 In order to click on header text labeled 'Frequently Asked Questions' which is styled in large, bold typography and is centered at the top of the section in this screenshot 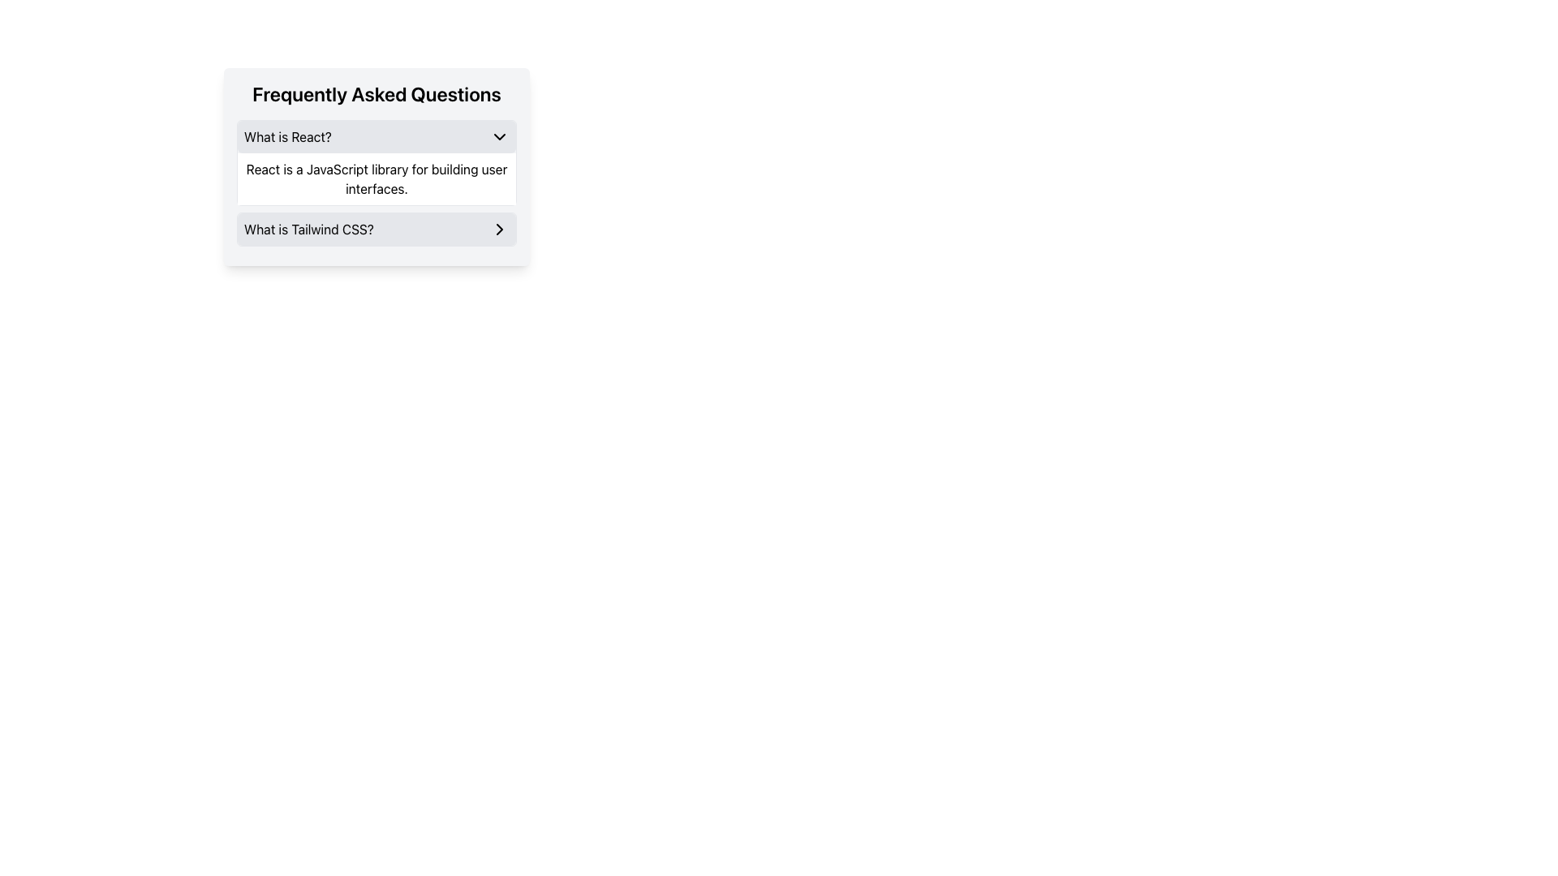, I will do `click(376, 93)`.